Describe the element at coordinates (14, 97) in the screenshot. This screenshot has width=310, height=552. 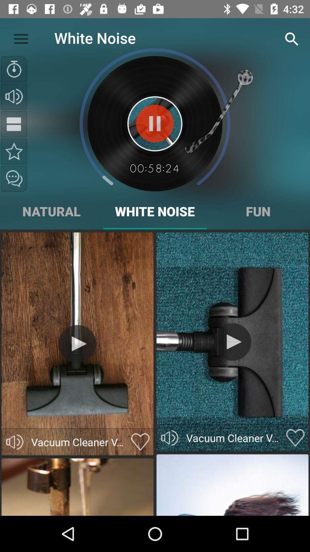
I see `the volume icon` at that location.